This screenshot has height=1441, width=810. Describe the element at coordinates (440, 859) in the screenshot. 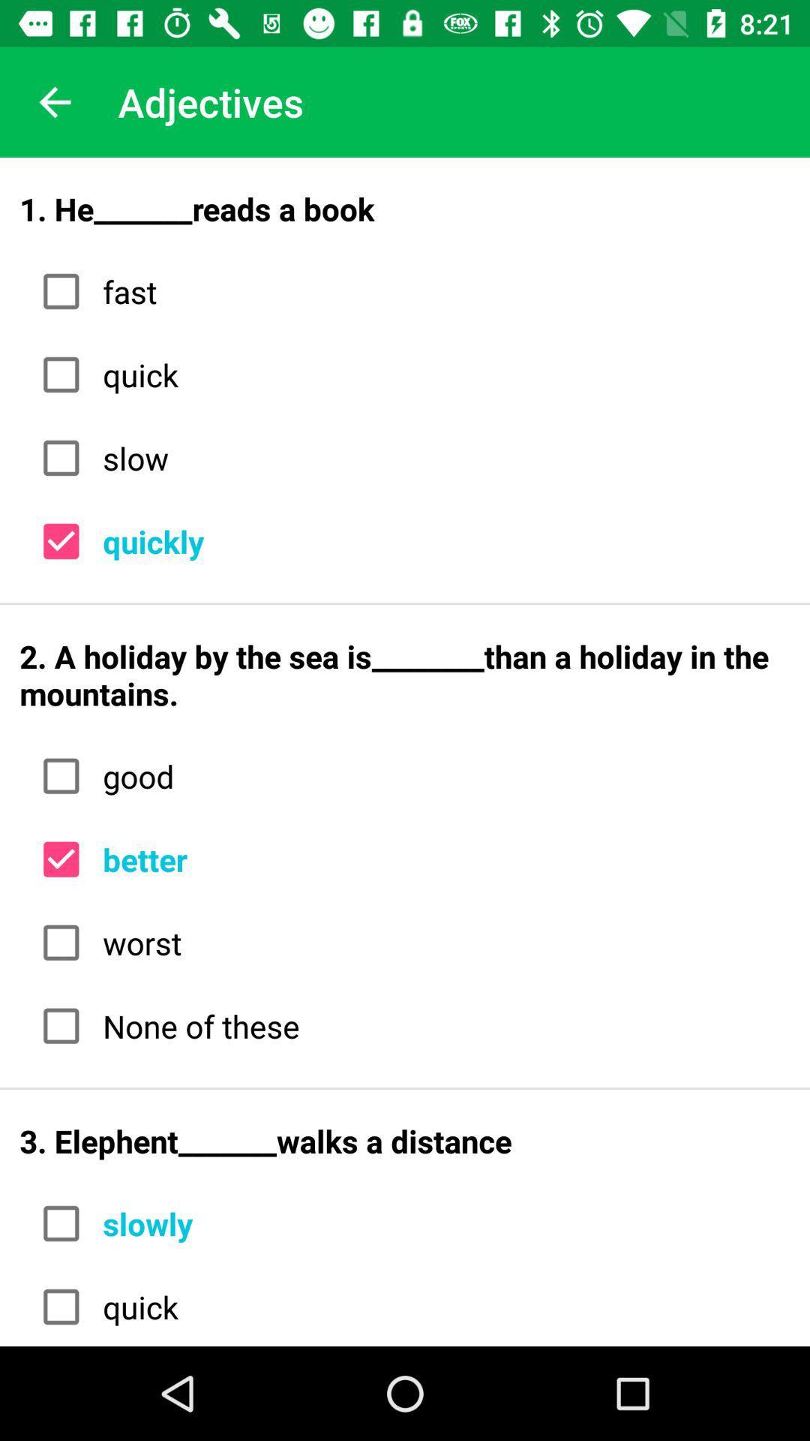

I see `the better icon` at that location.